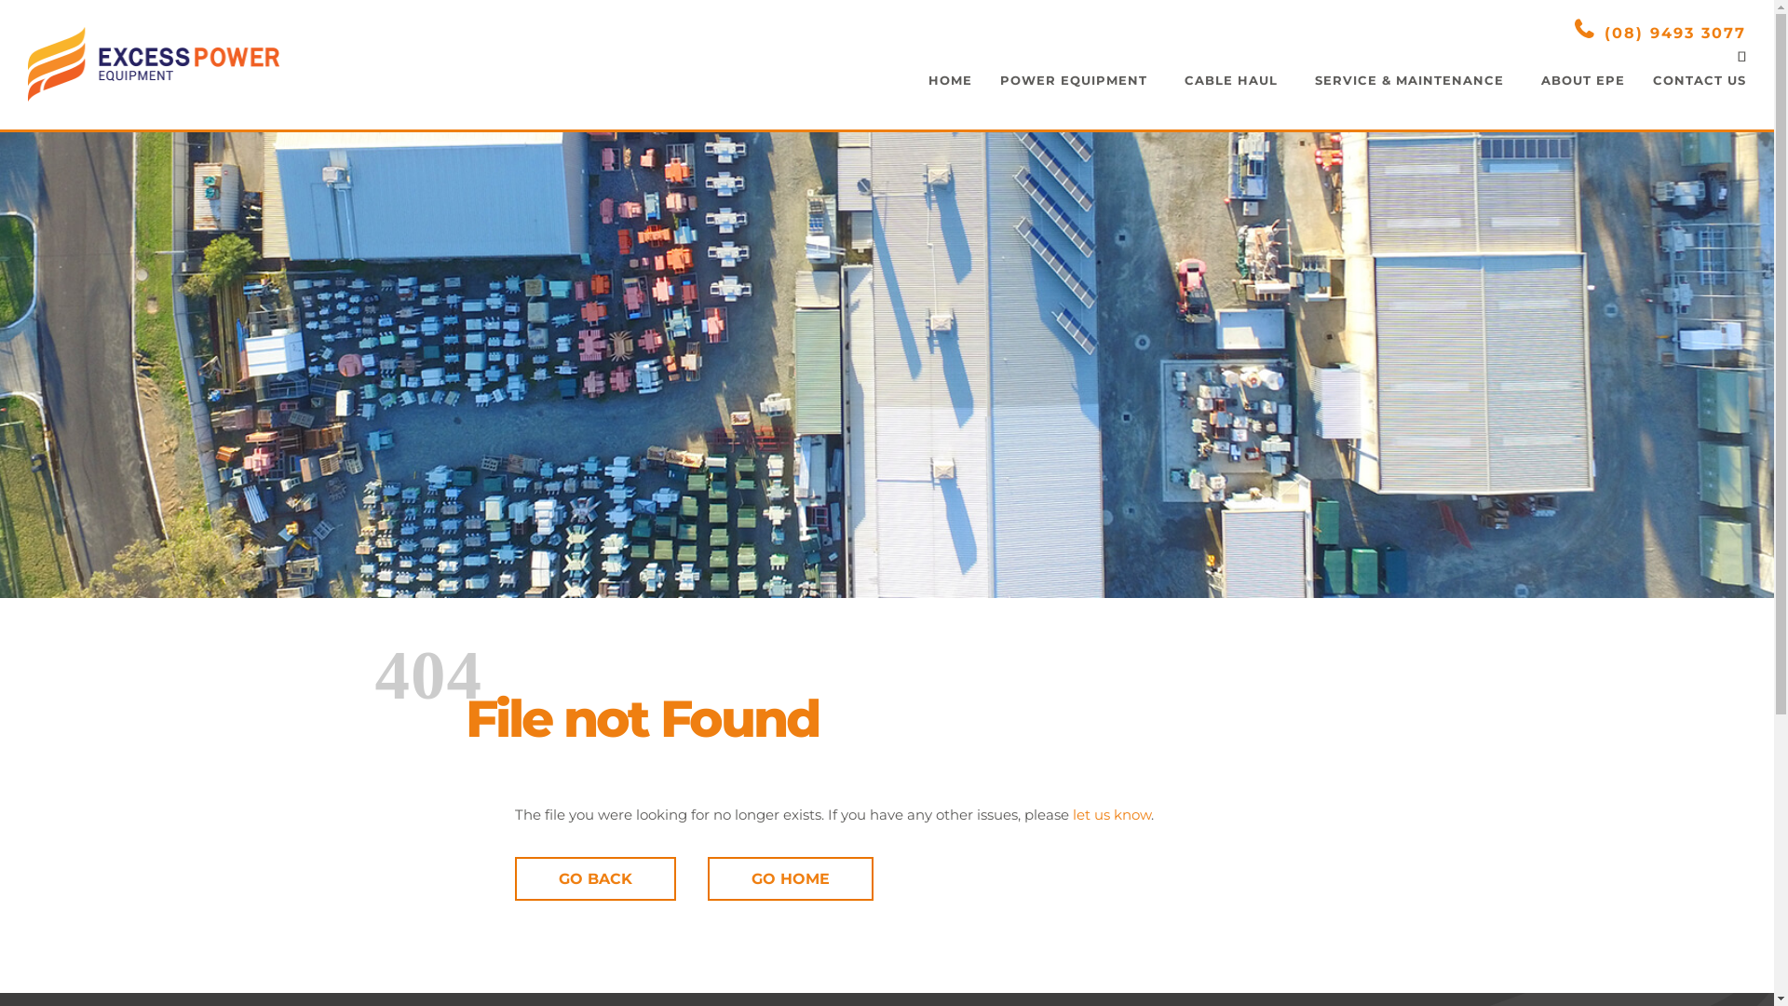 The image size is (1788, 1006). What do you see at coordinates (1573, 32) in the screenshot?
I see `'(08) 9493 3077'` at bounding box center [1573, 32].